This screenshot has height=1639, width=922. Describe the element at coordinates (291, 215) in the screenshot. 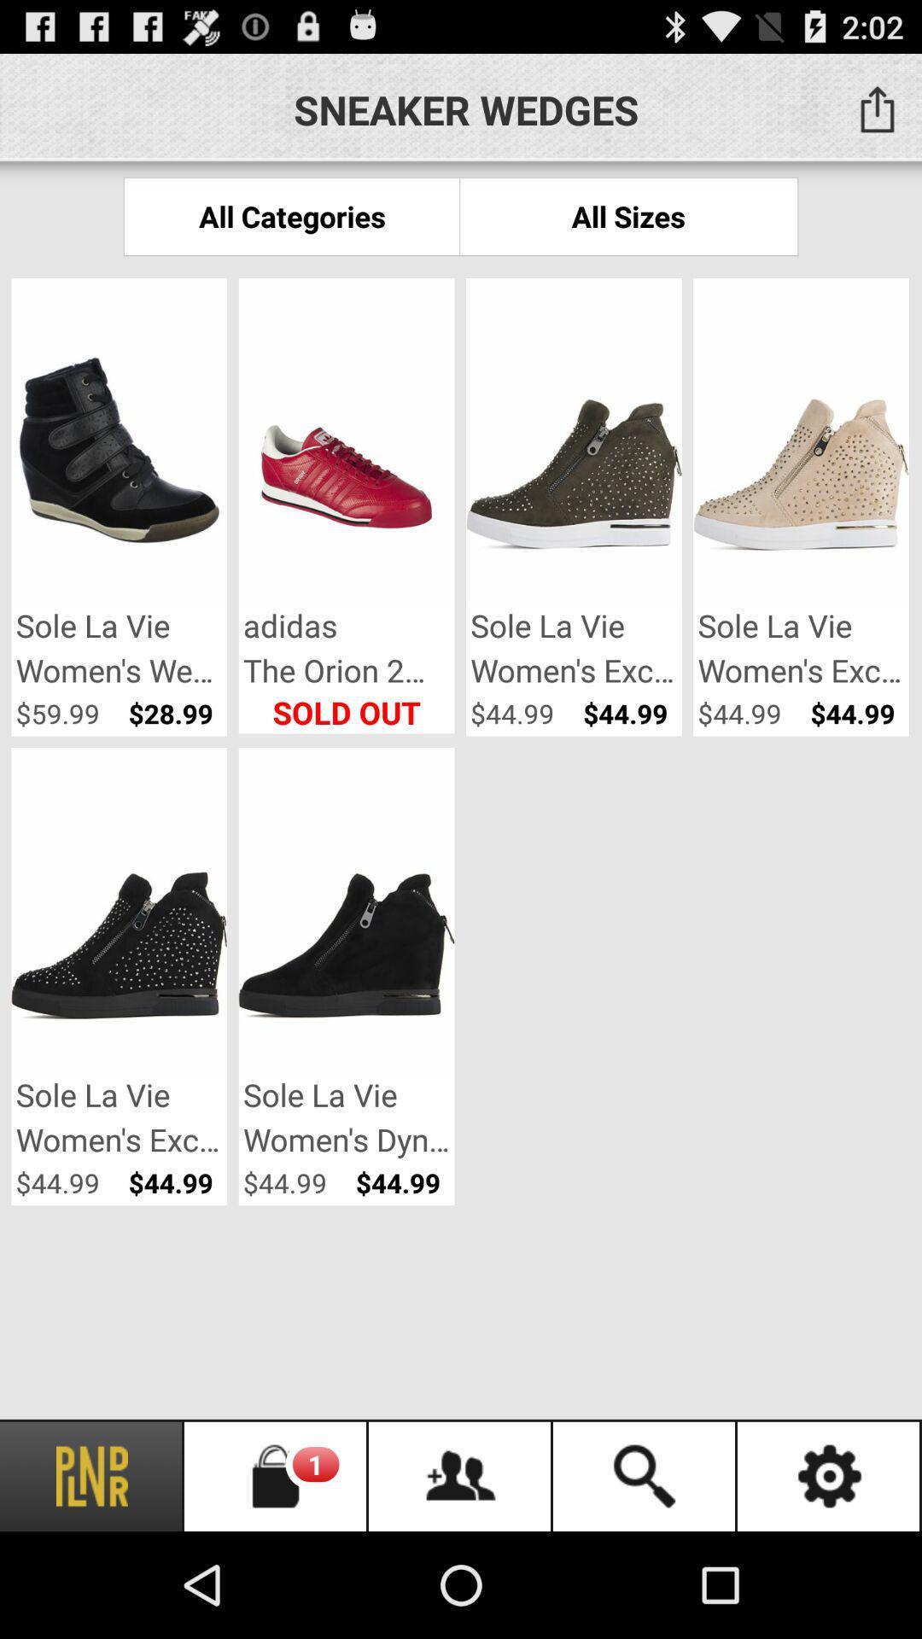

I see `the item below sneaker wedges app` at that location.